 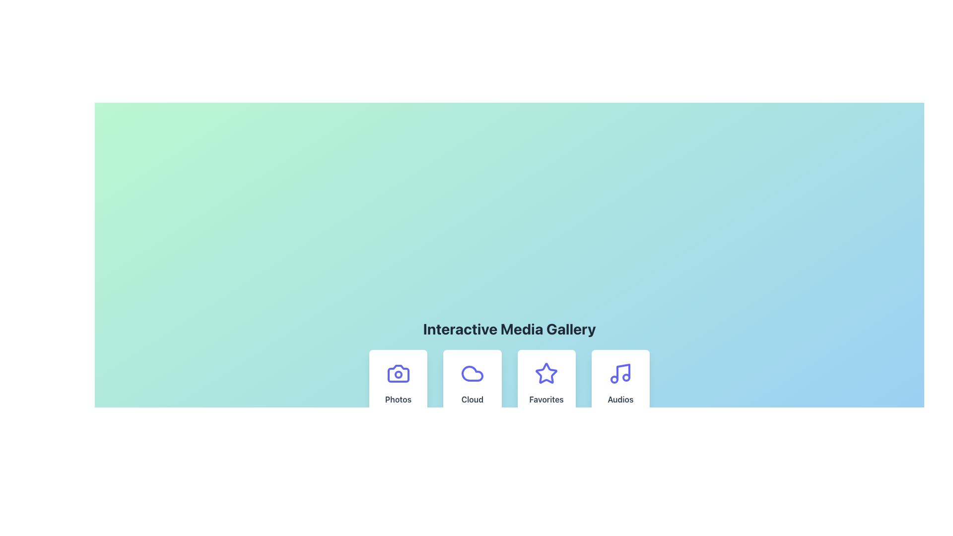 What do you see at coordinates (472, 373) in the screenshot?
I see `the cloud icon with a blue outline located in the second card of four, which has 'Cloud' as the label below` at bounding box center [472, 373].